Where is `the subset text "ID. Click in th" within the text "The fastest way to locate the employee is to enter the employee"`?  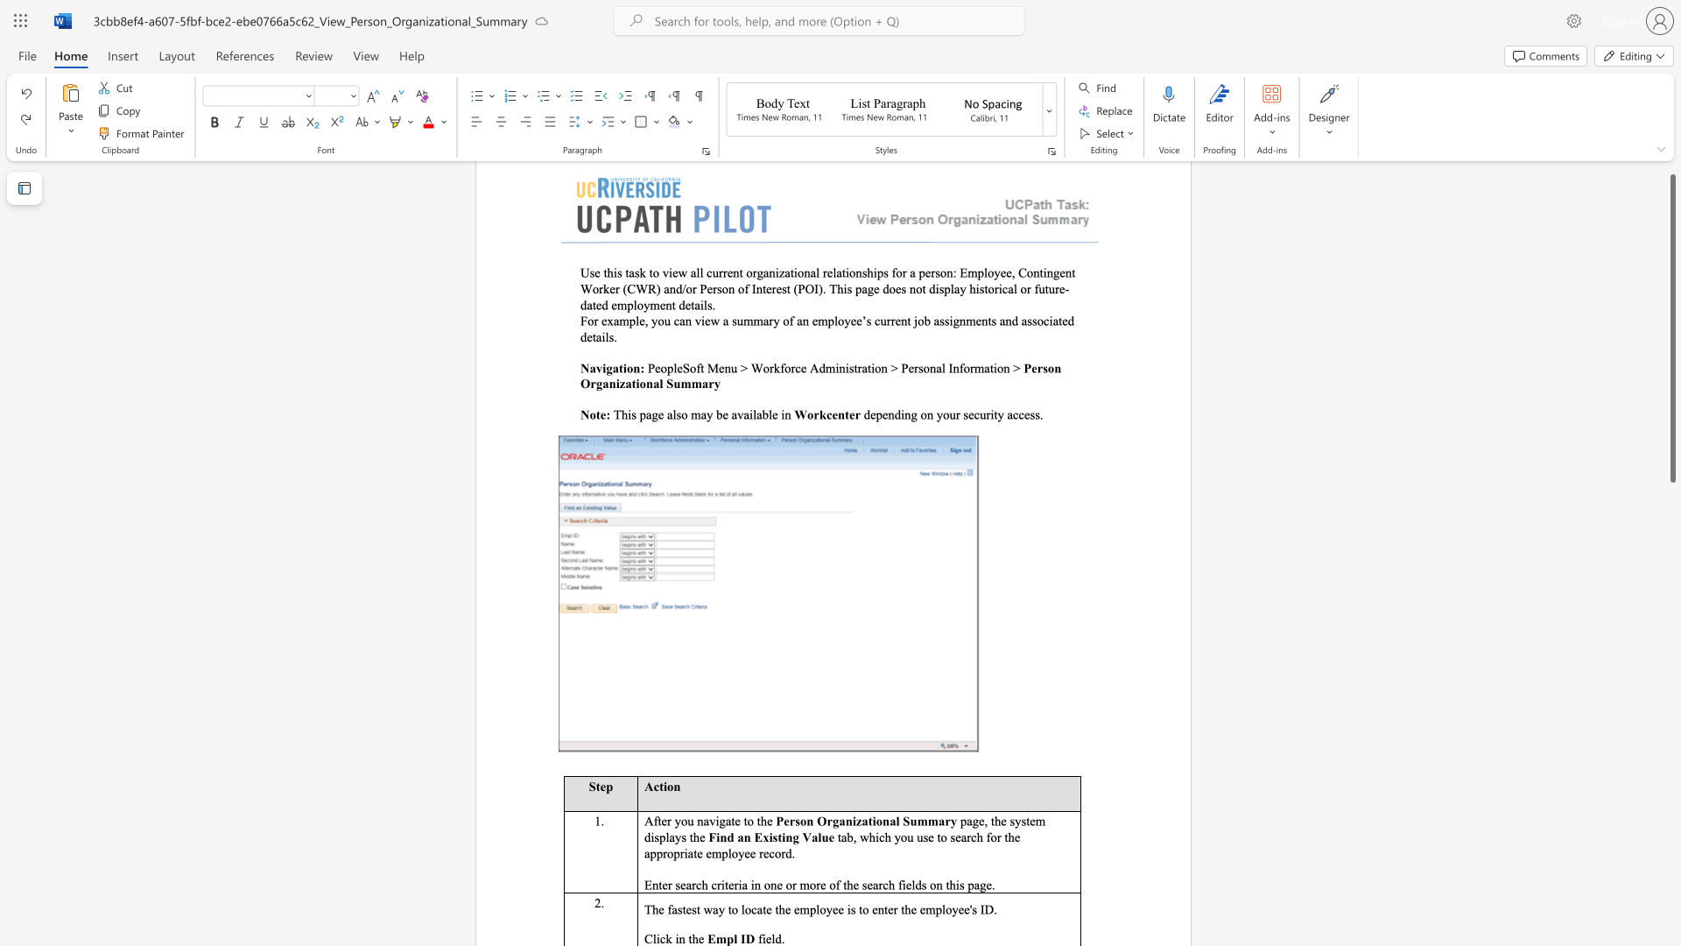
the subset text "ID. Click in th" within the text "The fastest way to locate the employee is to enter the employee" is located at coordinates (979, 908).